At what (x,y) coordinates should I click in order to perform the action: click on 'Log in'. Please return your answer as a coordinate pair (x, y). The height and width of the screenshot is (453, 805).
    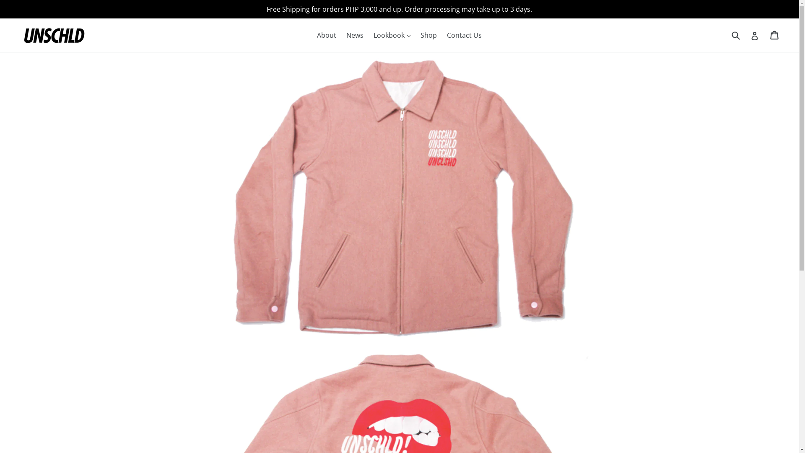
    Looking at the image, I should click on (755, 35).